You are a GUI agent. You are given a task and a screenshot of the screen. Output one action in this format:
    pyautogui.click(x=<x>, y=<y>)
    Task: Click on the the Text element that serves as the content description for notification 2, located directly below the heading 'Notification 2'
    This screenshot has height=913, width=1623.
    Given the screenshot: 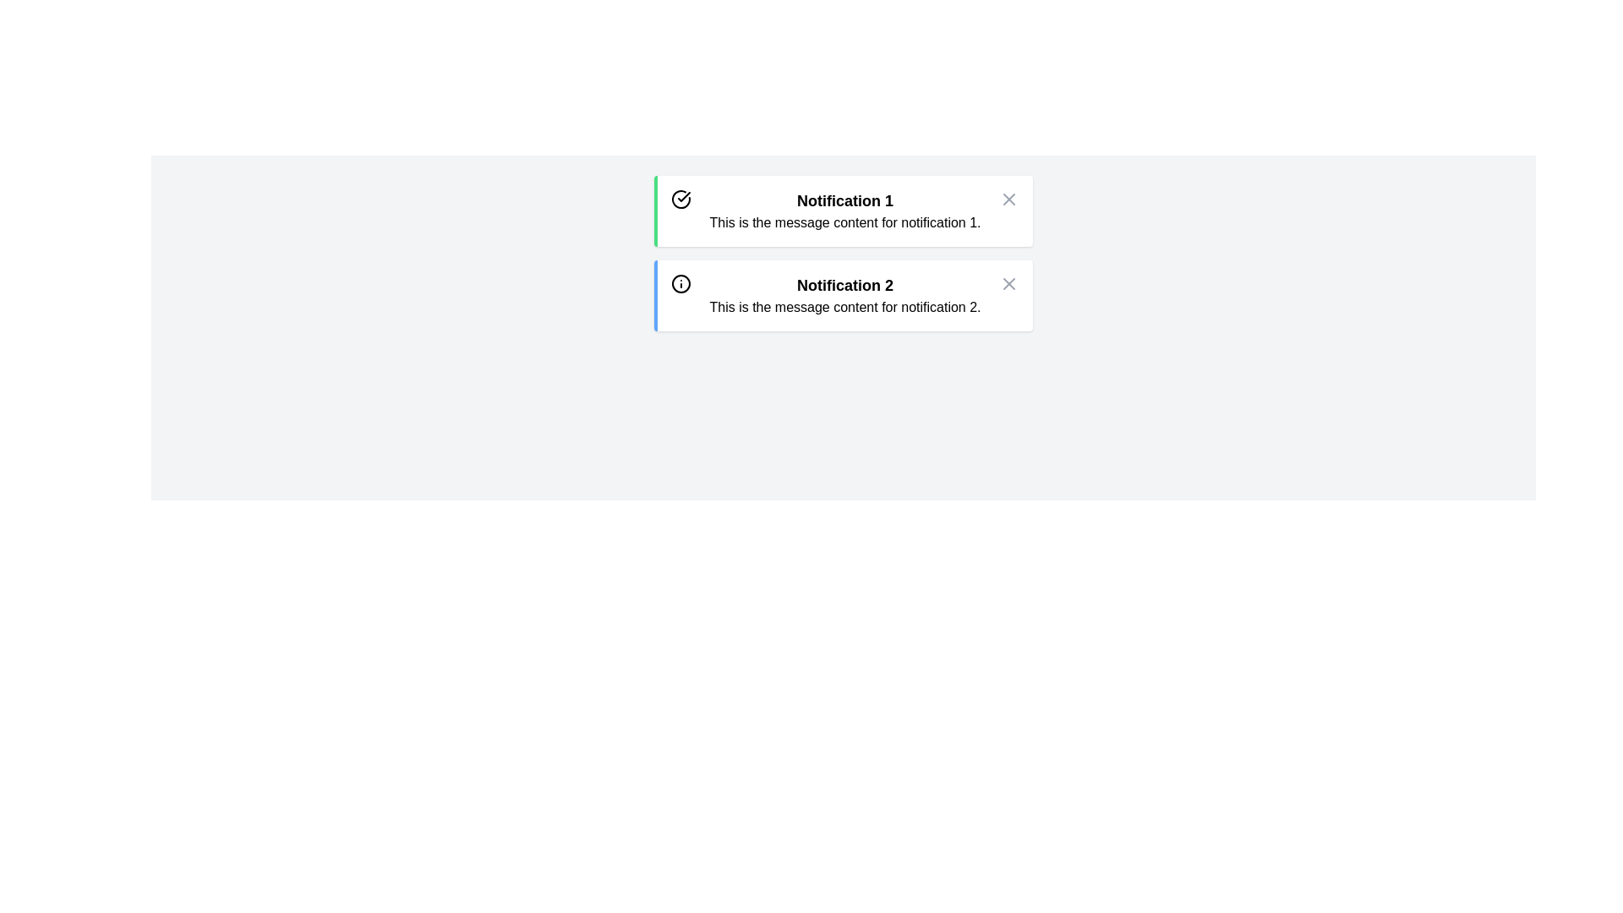 What is the action you would take?
    pyautogui.click(x=844, y=307)
    